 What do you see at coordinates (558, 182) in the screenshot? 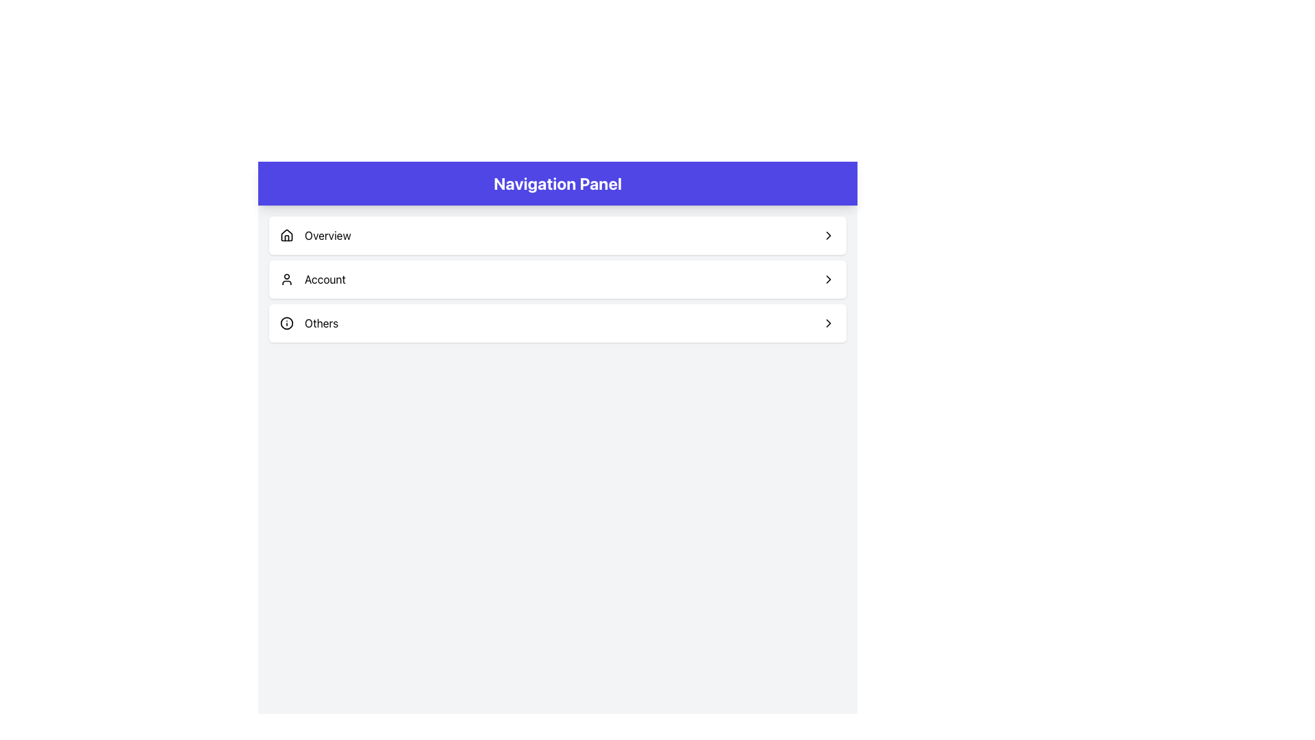
I see `the header bar with a dark indigo background and centered white text reading 'Navigation Panel'` at bounding box center [558, 182].